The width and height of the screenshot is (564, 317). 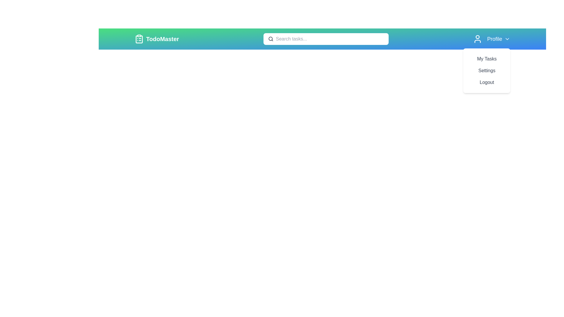 What do you see at coordinates (270, 38) in the screenshot?
I see `the magnifying glass icon represented by the SVG circle to initiate a search action` at bounding box center [270, 38].